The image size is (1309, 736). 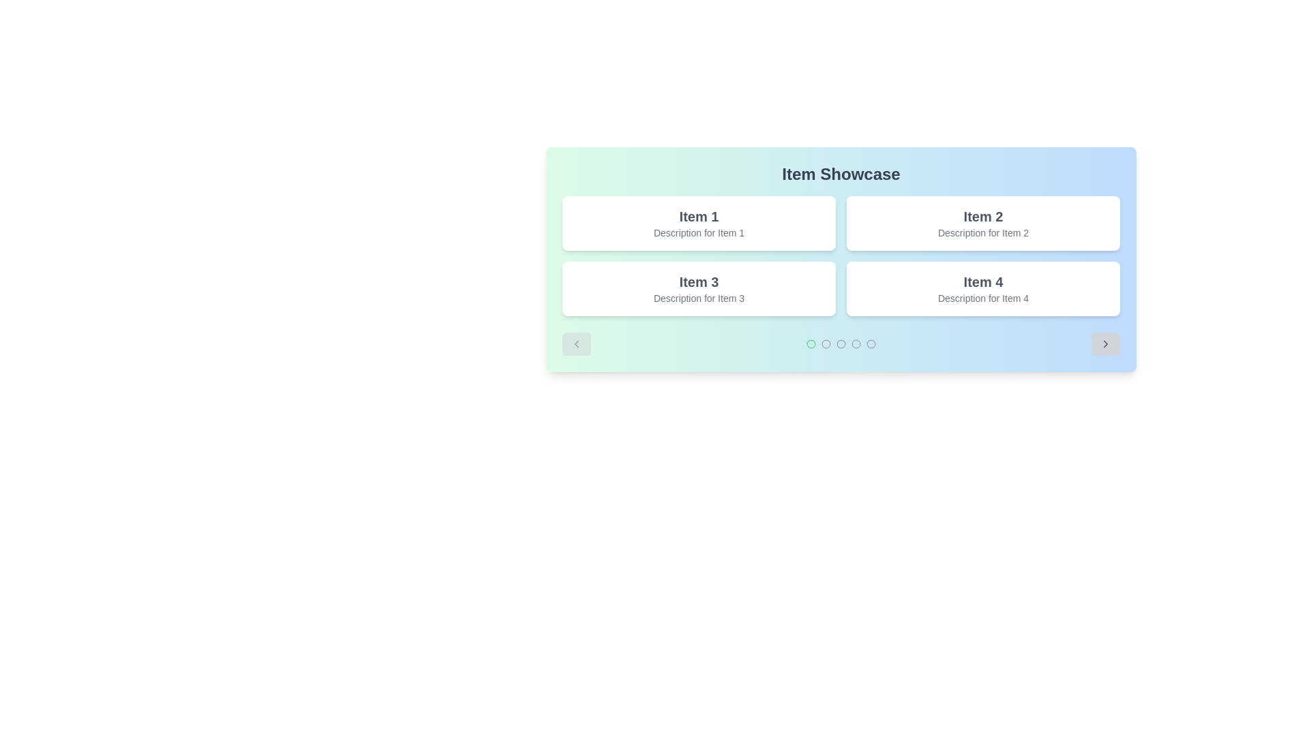 What do you see at coordinates (983, 281) in the screenshot?
I see `the title text label located above the 'Description for Item 4' in the bottom-right item of a 2x2 grid layout` at bounding box center [983, 281].